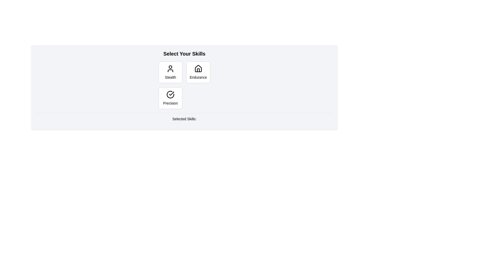 The width and height of the screenshot is (487, 274). What do you see at coordinates (198, 68) in the screenshot?
I see `the 'Endurance' skill icon, which is a pictogram representing the concept of 'Endurance', located at the top-center of the 'Endurance' button in the selectable skills grid` at bounding box center [198, 68].